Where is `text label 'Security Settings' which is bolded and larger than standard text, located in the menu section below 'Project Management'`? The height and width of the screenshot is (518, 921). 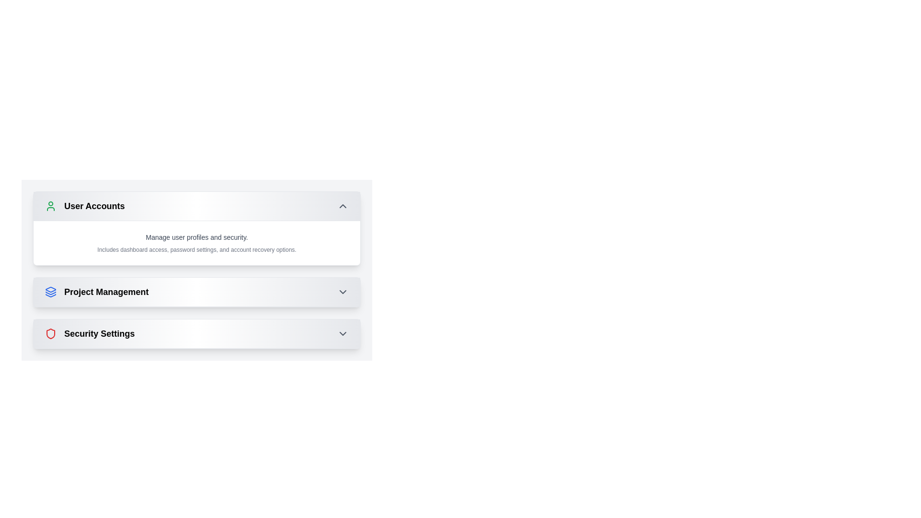
text label 'Security Settings' which is bolded and larger than standard text, located in the menu section below 'Project Management' is located at coordinates (99, 333).